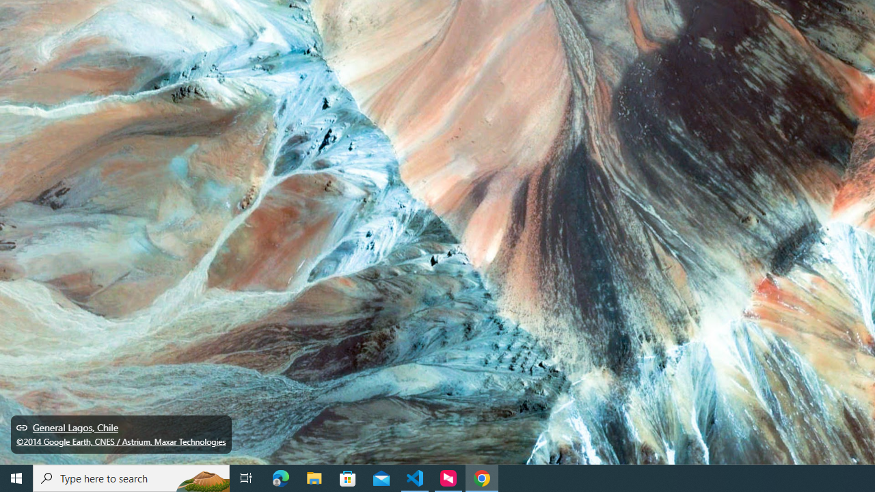 The image size is (875, 492). What do you see at coordinates (414, 477) in the screenshot?
I see `'Visual Studio Code - 1 running window'` at bounding box center [414, 477].